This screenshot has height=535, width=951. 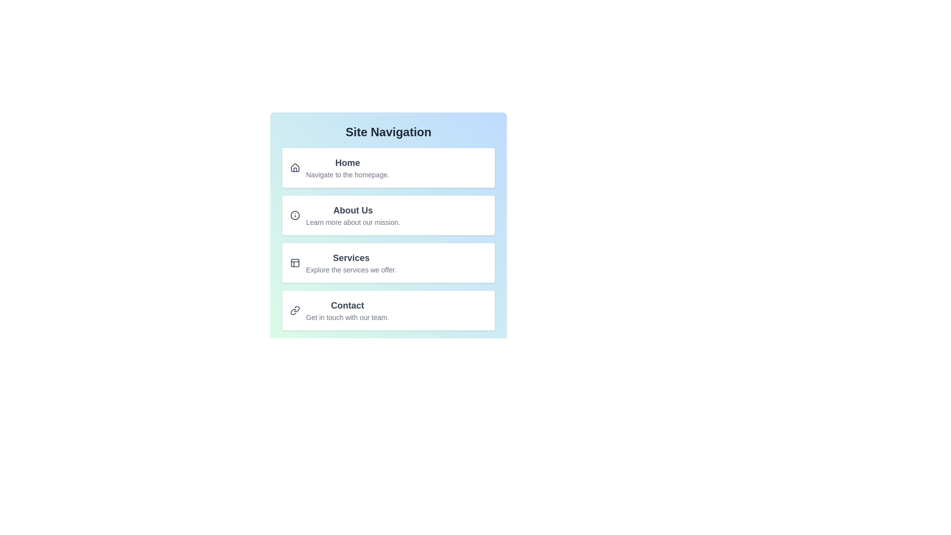 What do you see at coordinates (388, 215) in the screenshot?
I see `the clickable link labeled 'About Us' in the 'Site Navigation' menu` at bounding box center [388, 215].